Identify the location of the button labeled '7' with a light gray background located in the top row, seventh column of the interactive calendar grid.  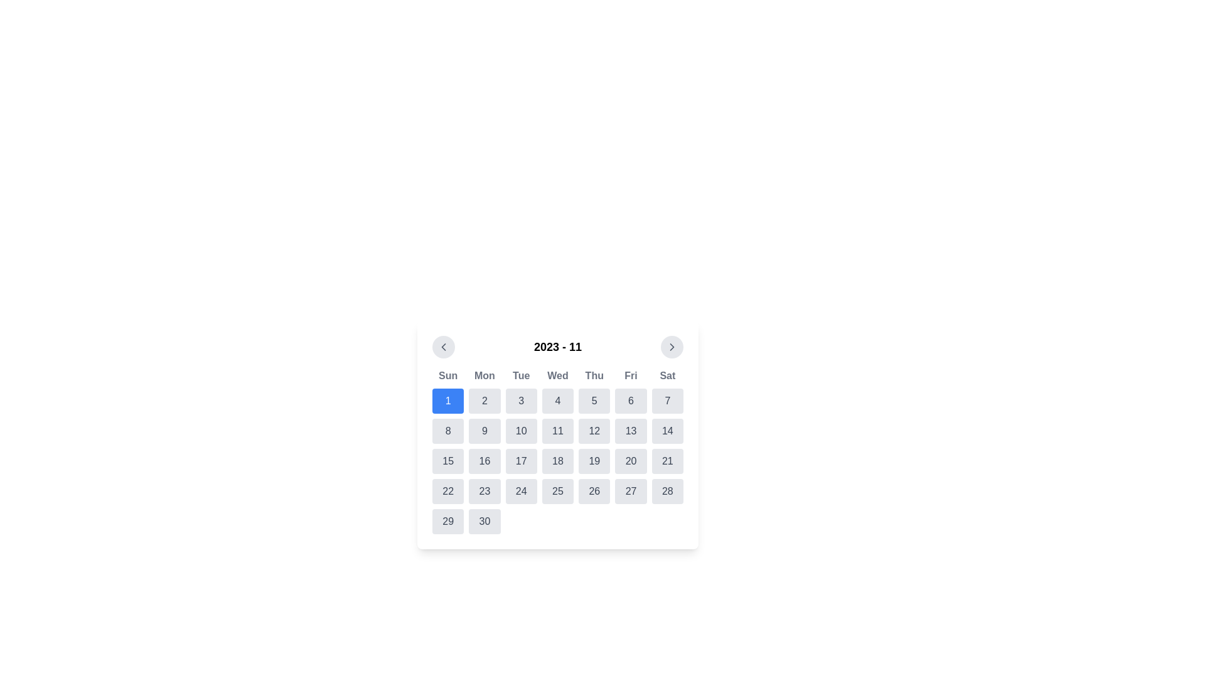
(667, 401).